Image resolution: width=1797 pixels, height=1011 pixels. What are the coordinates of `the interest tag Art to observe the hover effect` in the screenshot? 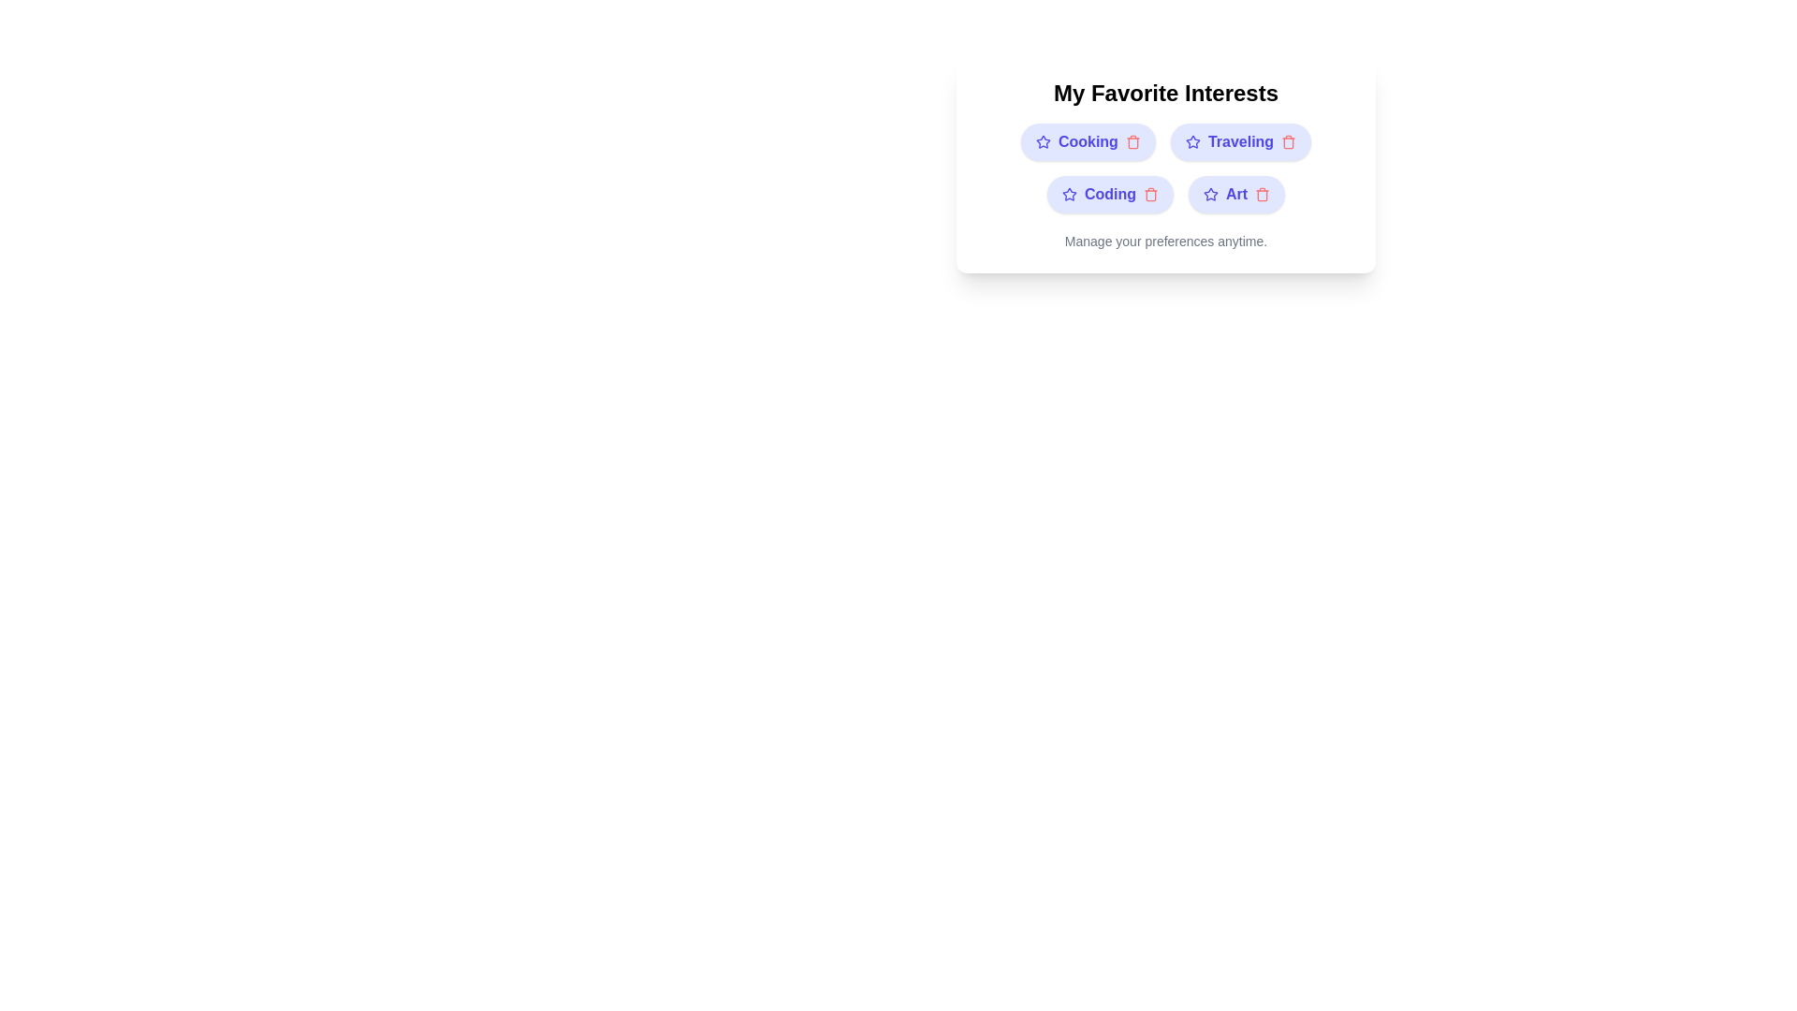 It's located at (1236, 195).